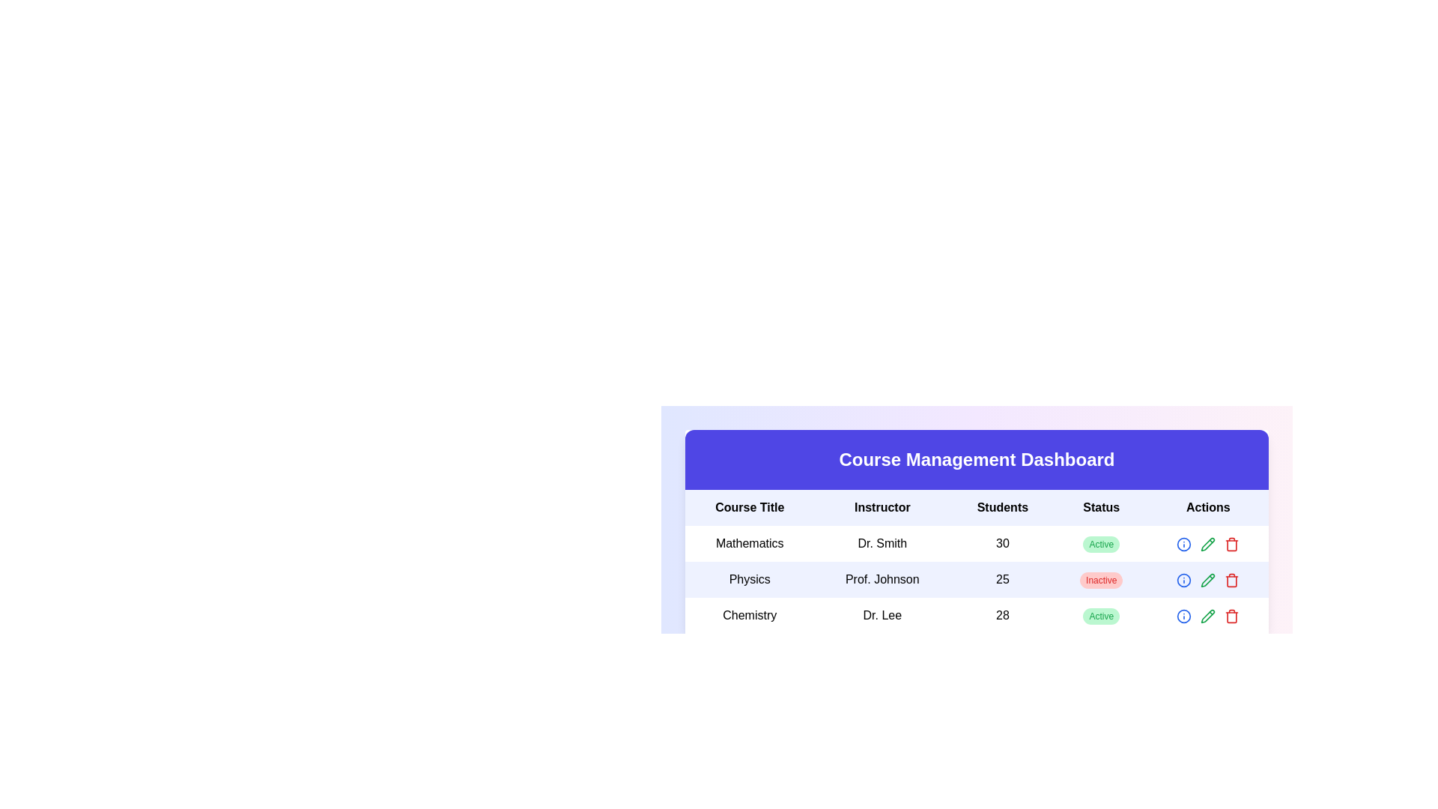  Describe the element at coordinates (882, 579) in the screenshot. I see `the Text label that identifies the instructor for the 'Physics' course, located in the second row of the table under the 'Instructor' column` at that location.